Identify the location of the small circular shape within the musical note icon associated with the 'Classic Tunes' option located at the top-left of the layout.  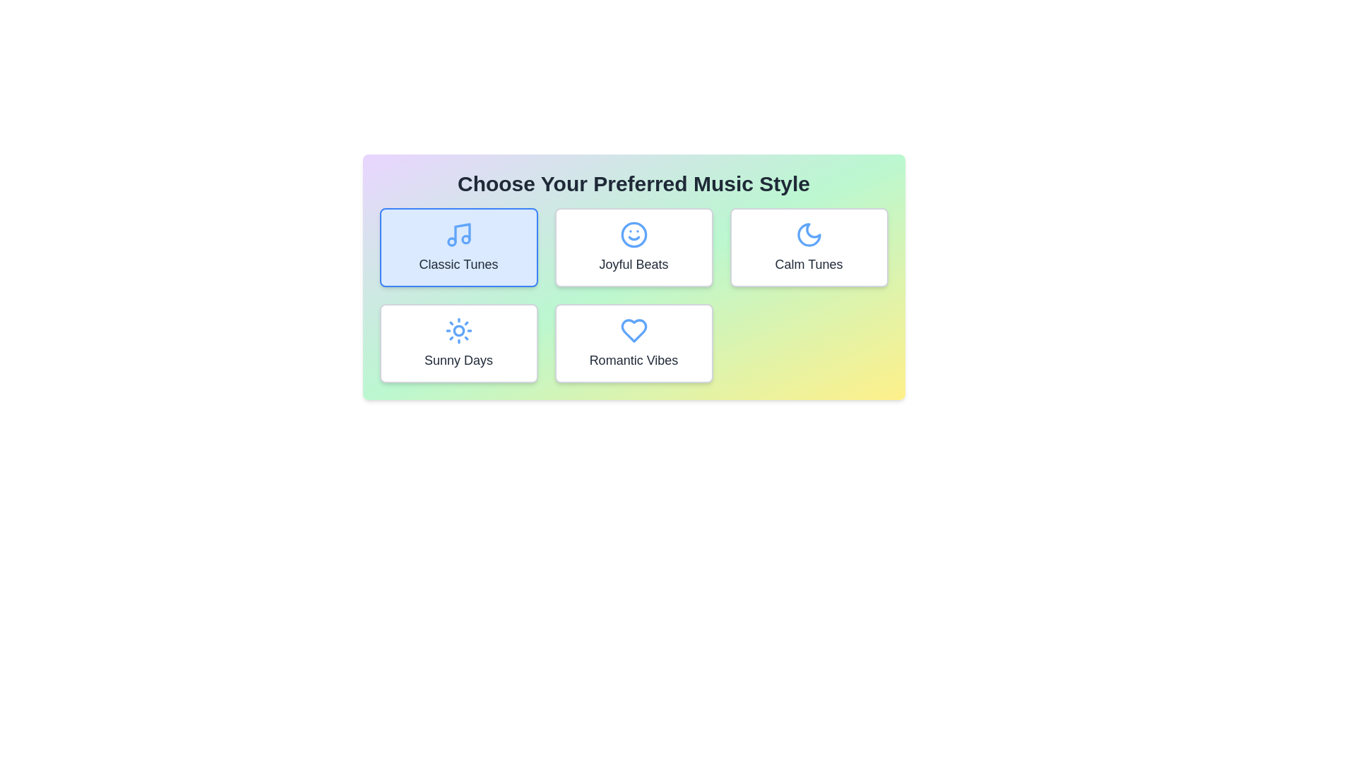
(451, 241).